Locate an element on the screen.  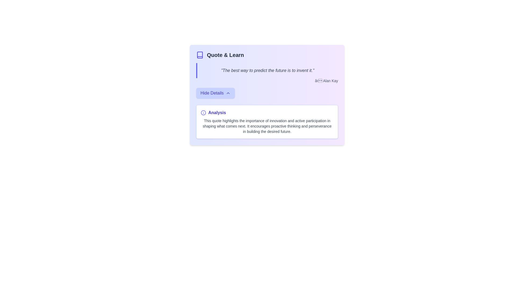
the small circular icon with an 'i' symbol inside, which is styled with a thin blue outline and a white background, located in the upper-left corner of the 'Analysis' section is located at coordinates (203, 113).